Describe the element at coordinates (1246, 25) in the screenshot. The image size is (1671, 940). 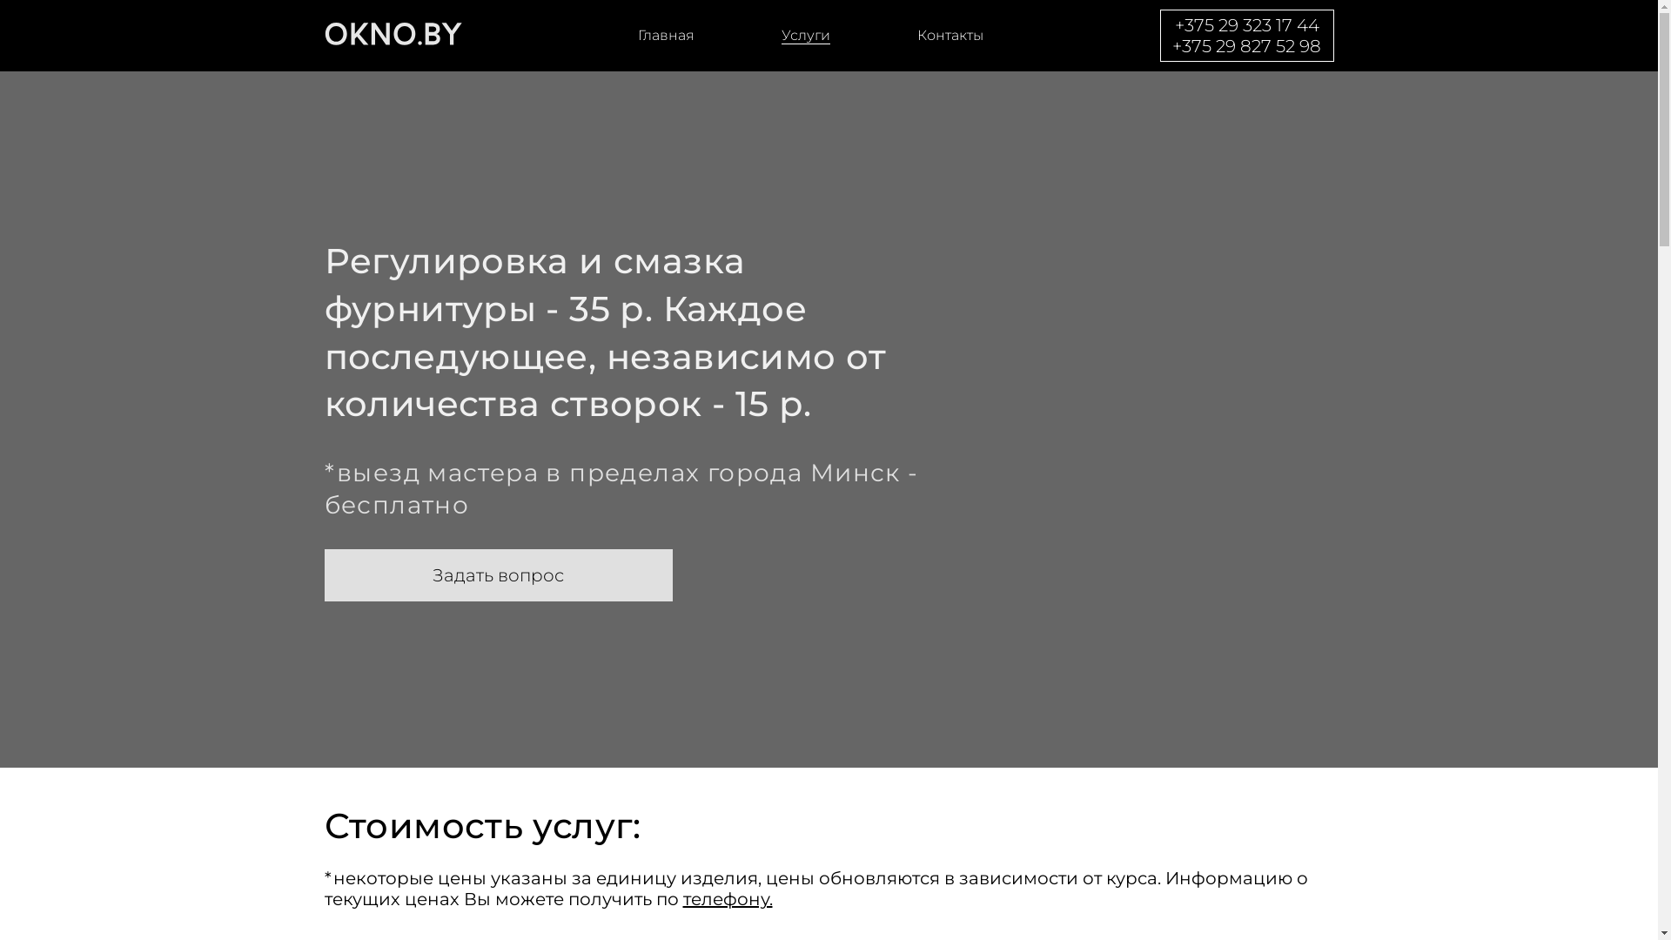
I see `'+375 29 323 17 44'` at that location.